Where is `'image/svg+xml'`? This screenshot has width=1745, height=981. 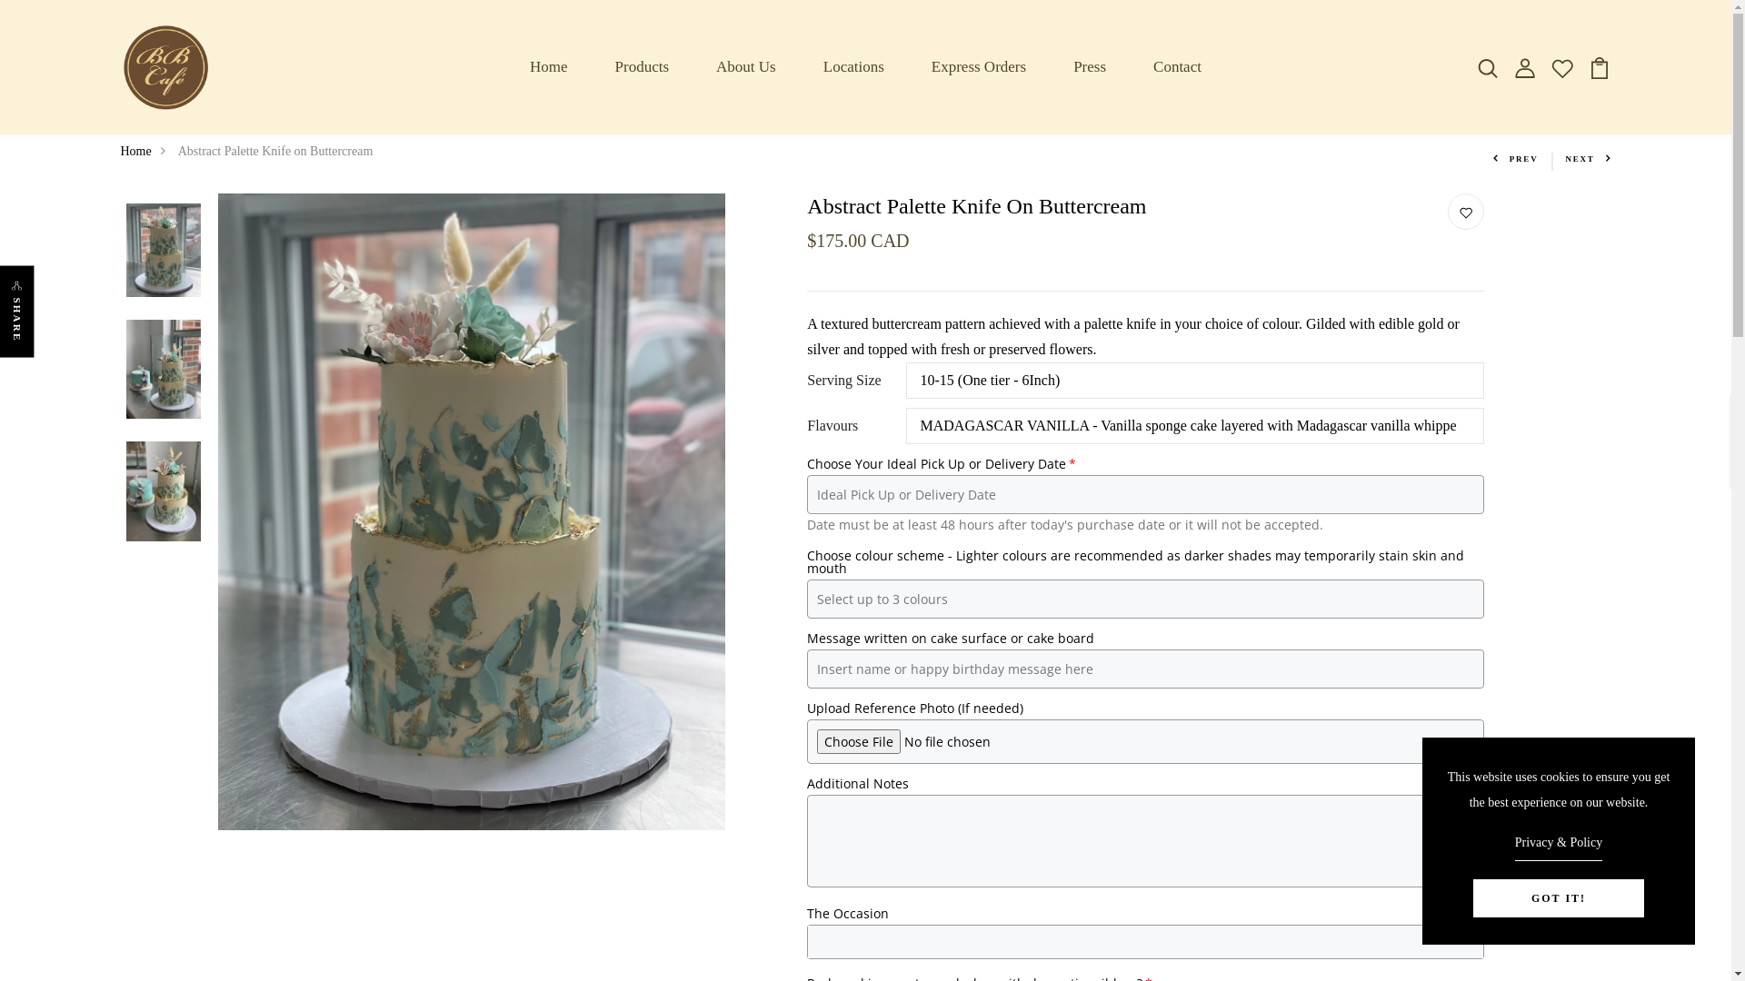
'image/svg+xml' is located at coordinates (1561, 64).